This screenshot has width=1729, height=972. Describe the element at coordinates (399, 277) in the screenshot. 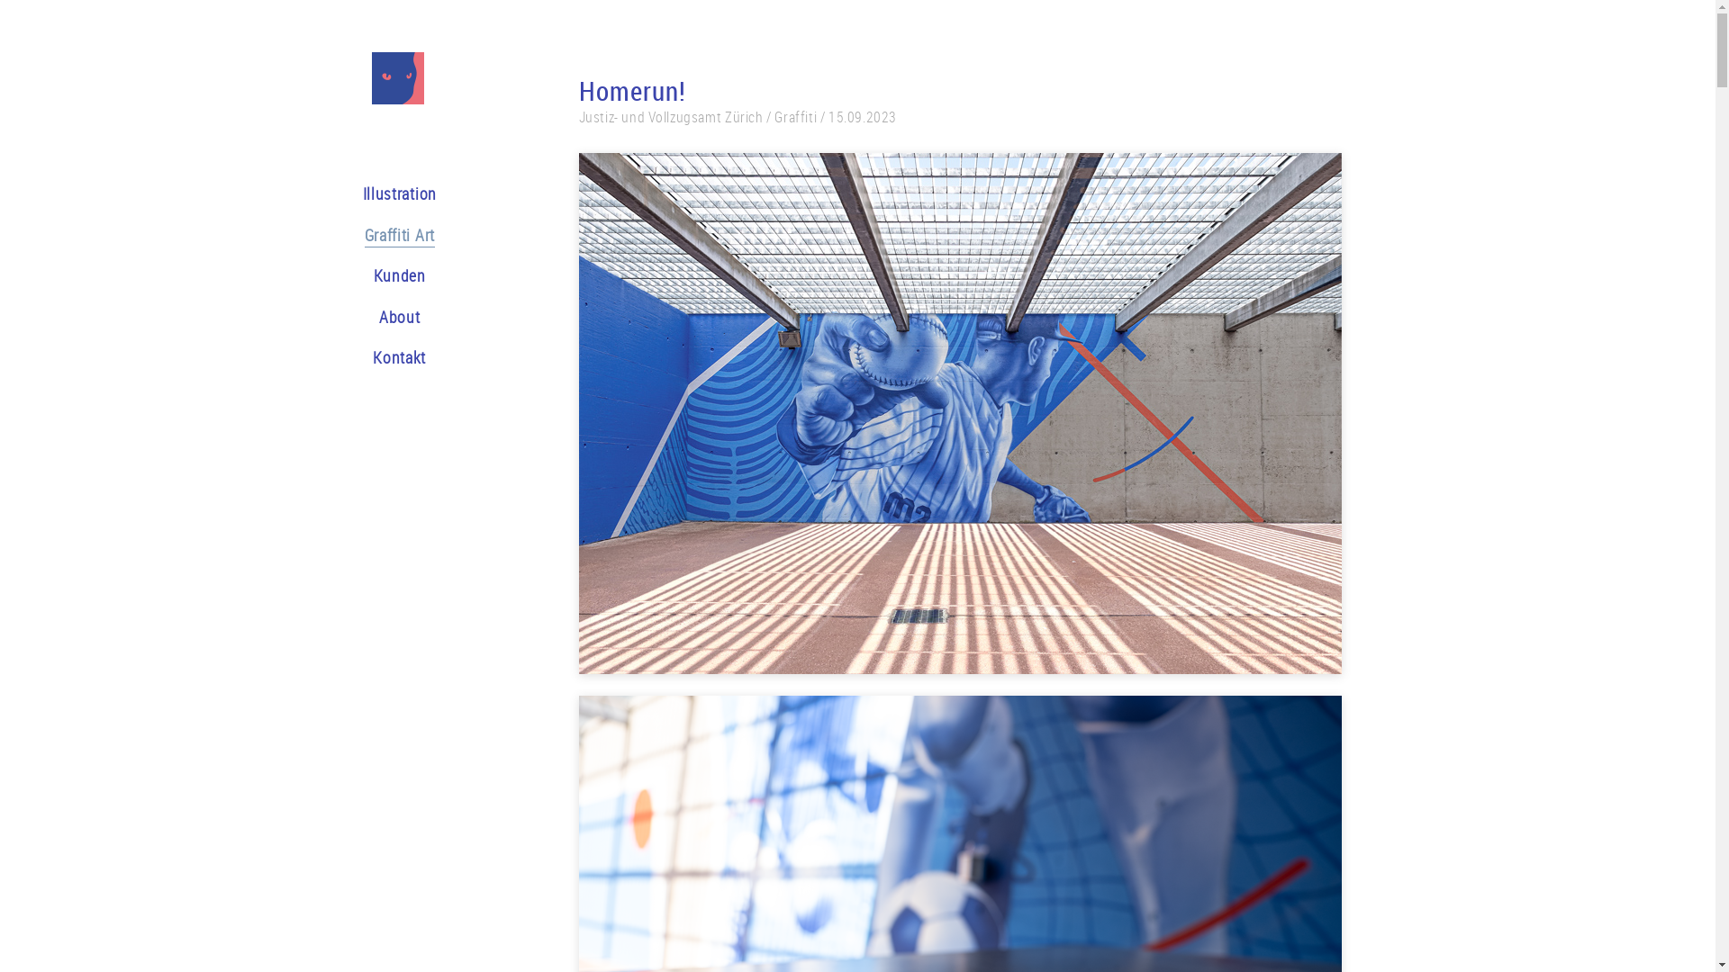

I see `'Kunden'` at that location.